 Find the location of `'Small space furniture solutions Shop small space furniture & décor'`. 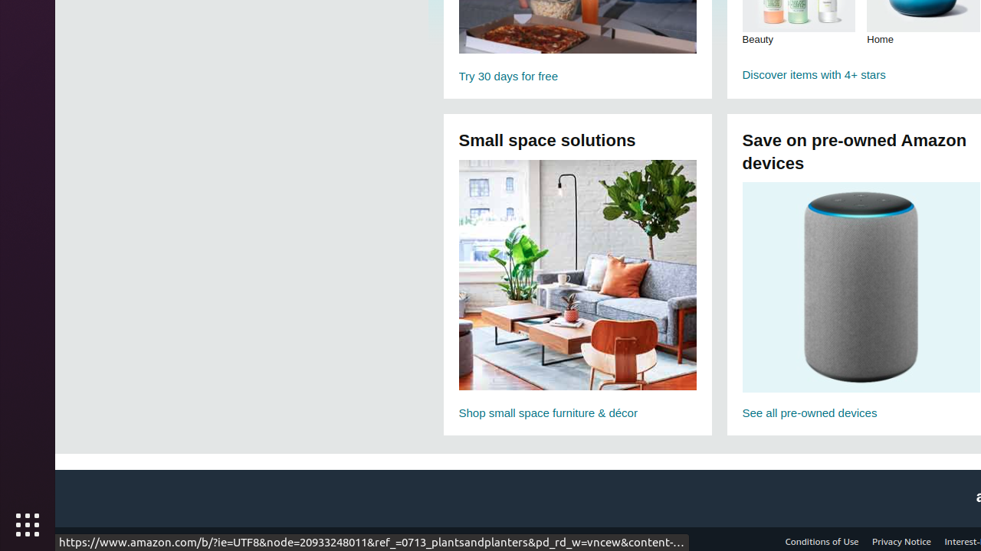

'Small space furniture solutions Shop small space furniture & décor' is located at coordinates (576, 292).